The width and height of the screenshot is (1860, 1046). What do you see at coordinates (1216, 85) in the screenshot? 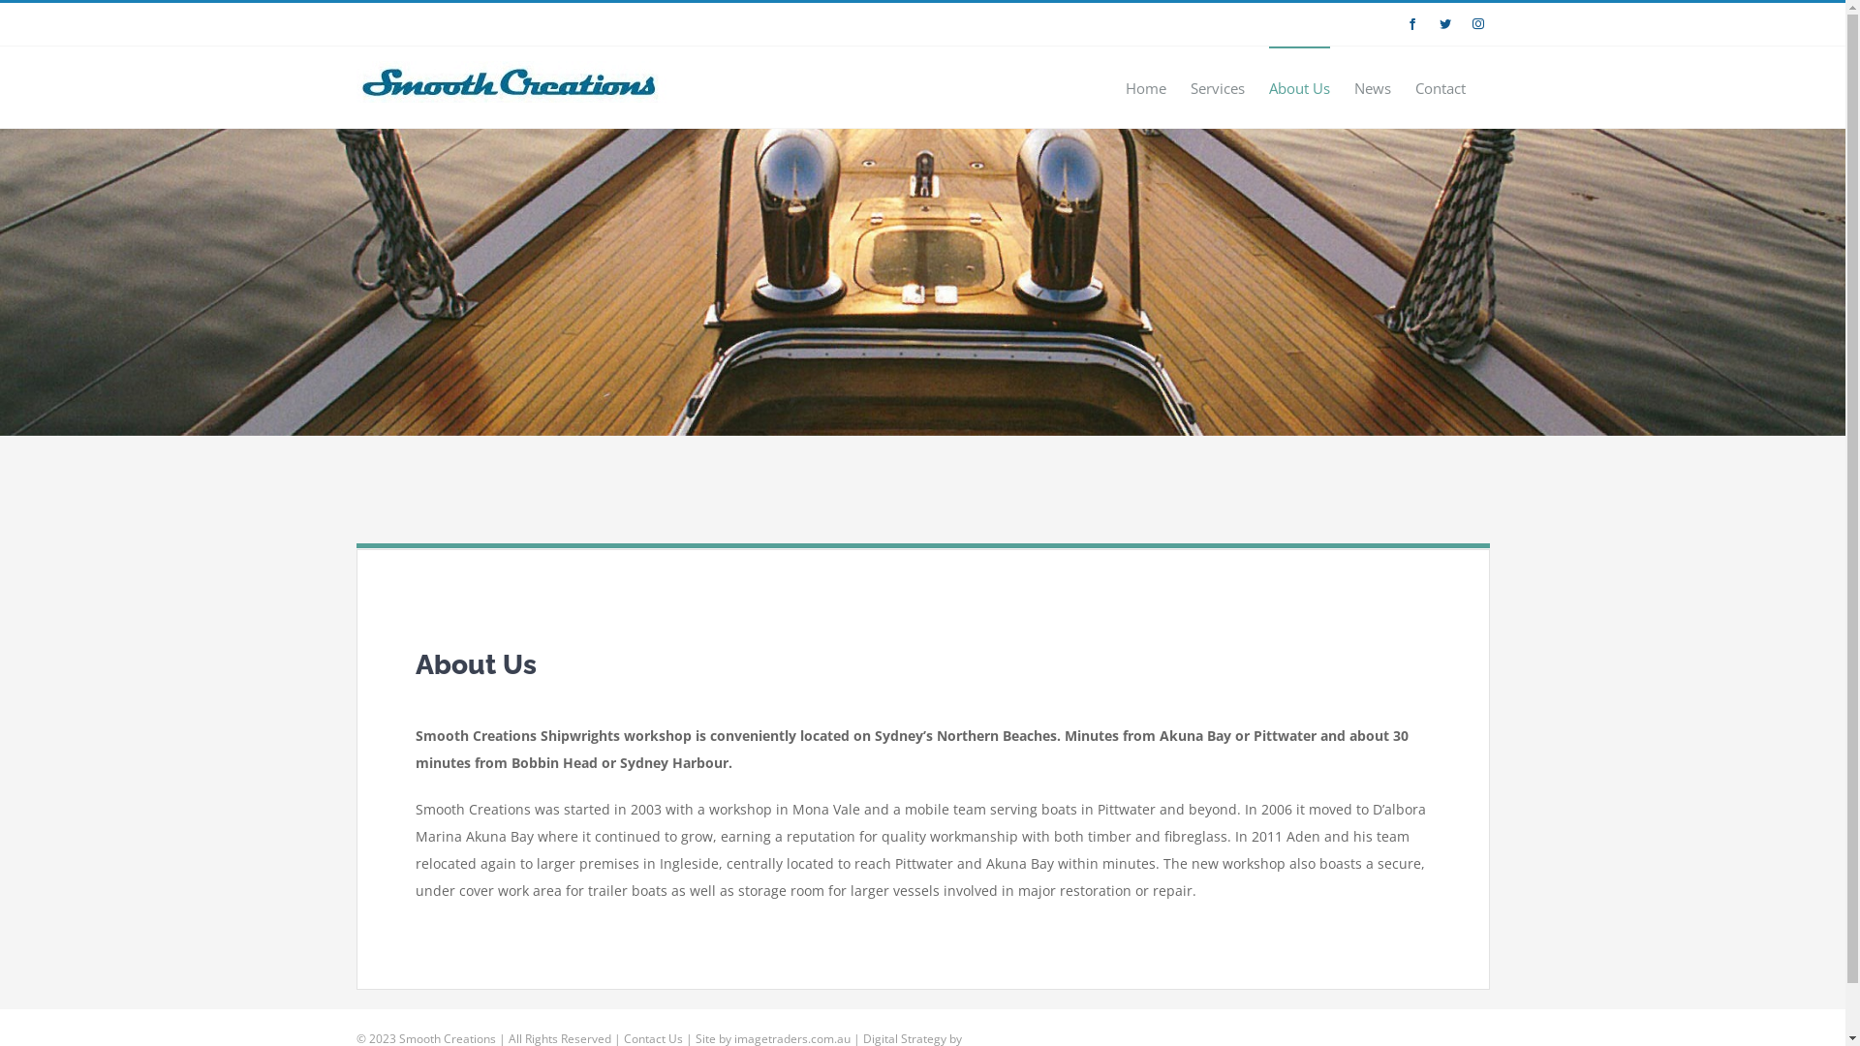
I see `'Services'` at bounding box center [1216, 85].